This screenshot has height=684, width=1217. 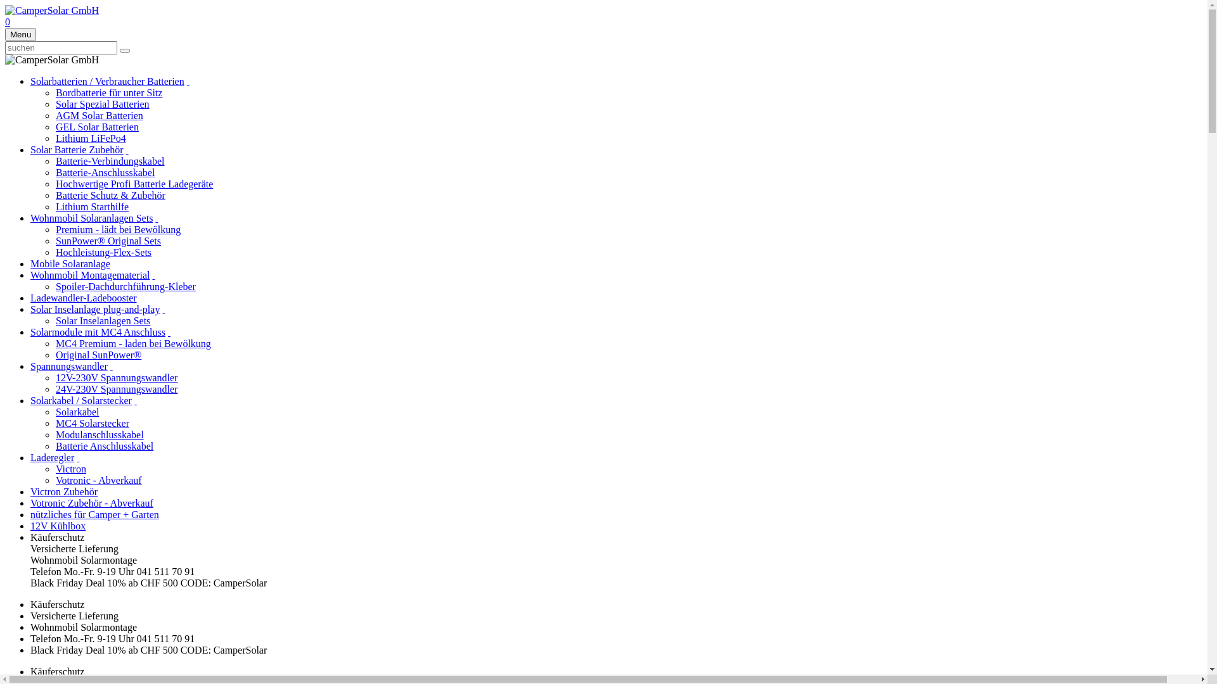 I want to click on 'Solar Spezial Batterien', so click(x=103, y=103).